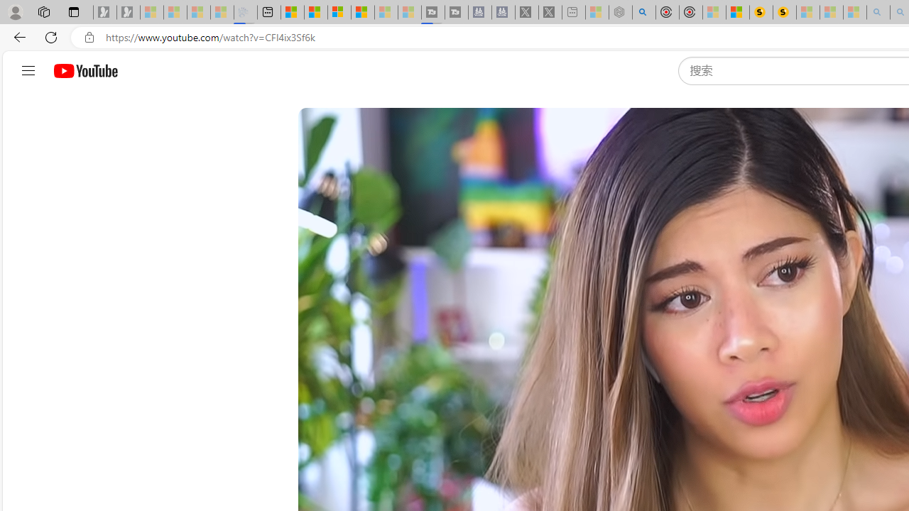 This screenshot has width=909, height=511. I want to click on 'amazon - Search - Sleeping', so click(878, 12).